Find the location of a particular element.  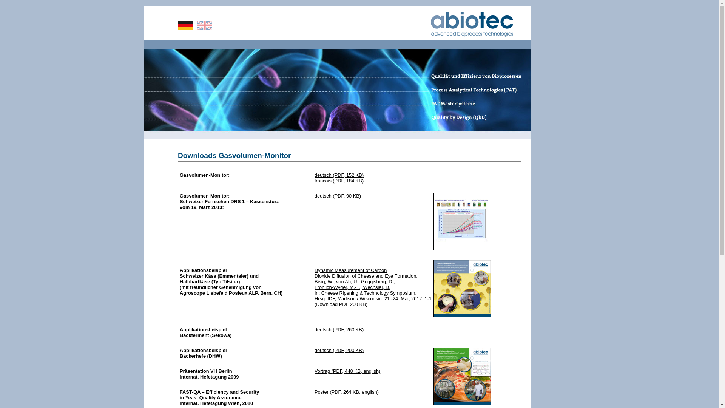

'Poster (PDF, 264 KB, english)' is located at coordinates (346, 391).